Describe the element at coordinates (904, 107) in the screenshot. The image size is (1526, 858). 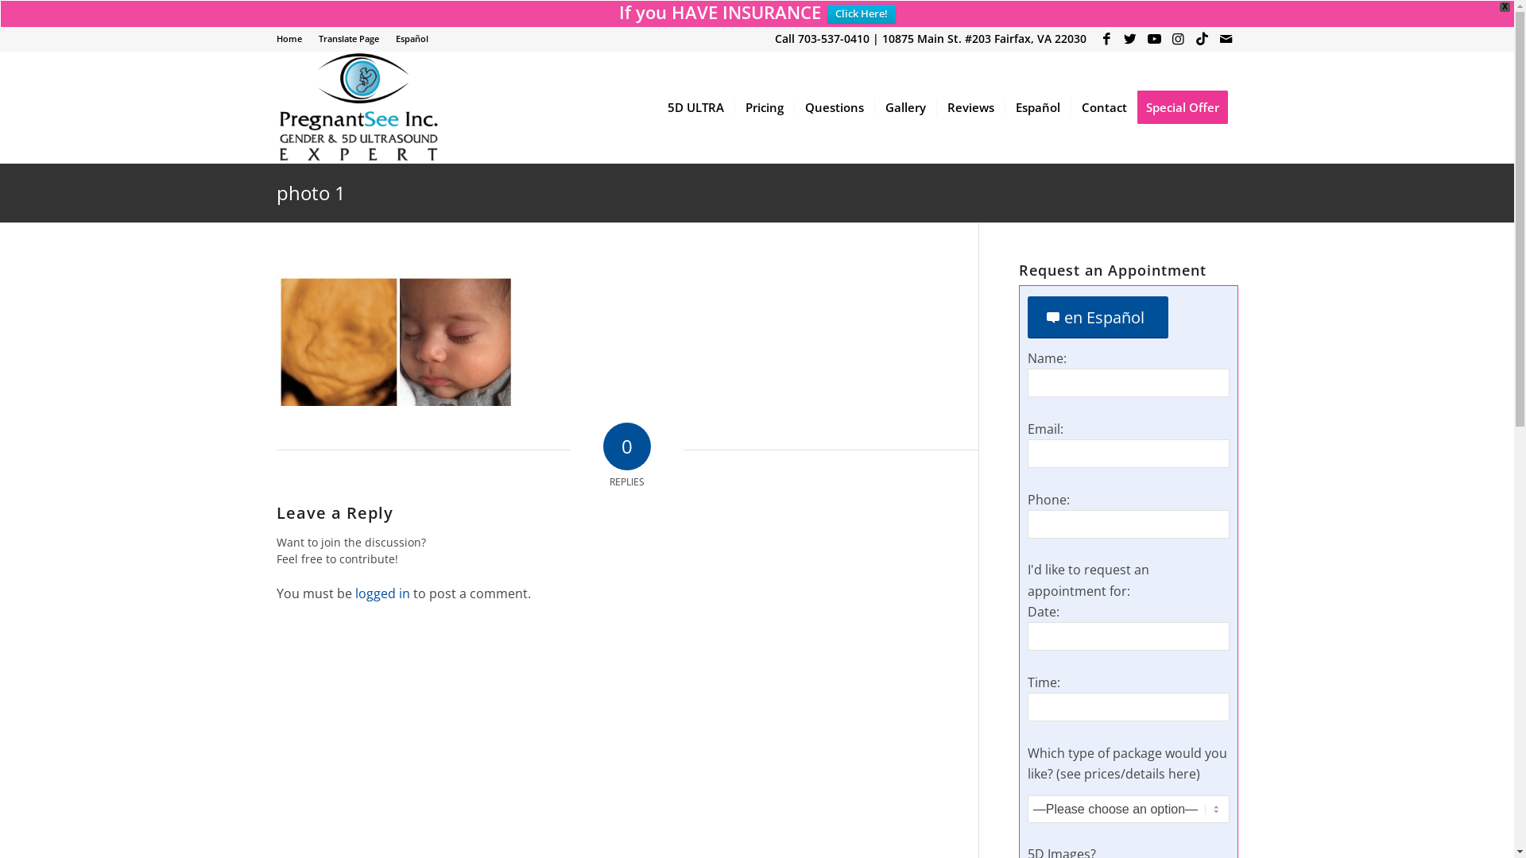
I see `'Gallery'` at that location.